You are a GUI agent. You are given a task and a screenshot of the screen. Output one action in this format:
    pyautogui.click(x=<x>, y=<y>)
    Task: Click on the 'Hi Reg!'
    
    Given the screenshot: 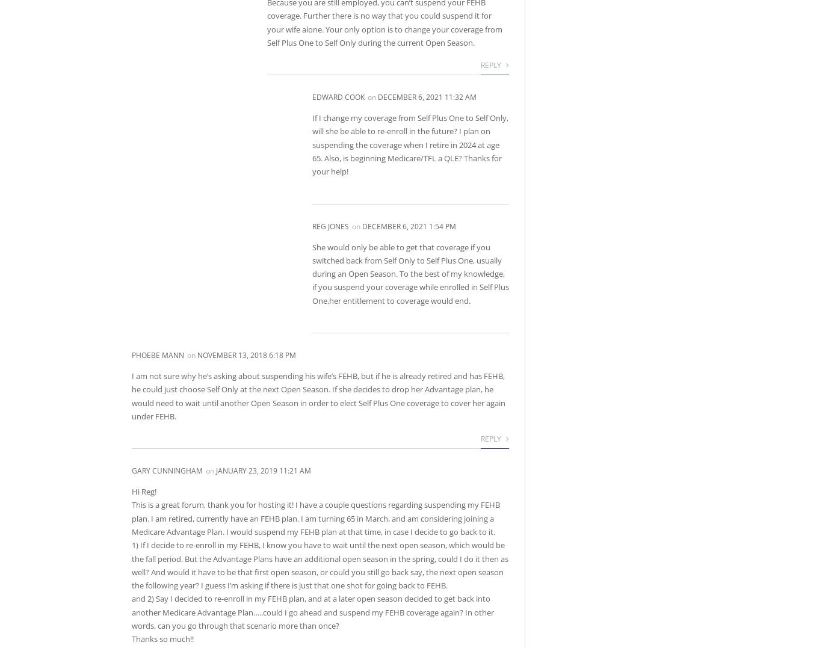 What is the action you would take?
    pyautogui.click(x=131, y=492)
    